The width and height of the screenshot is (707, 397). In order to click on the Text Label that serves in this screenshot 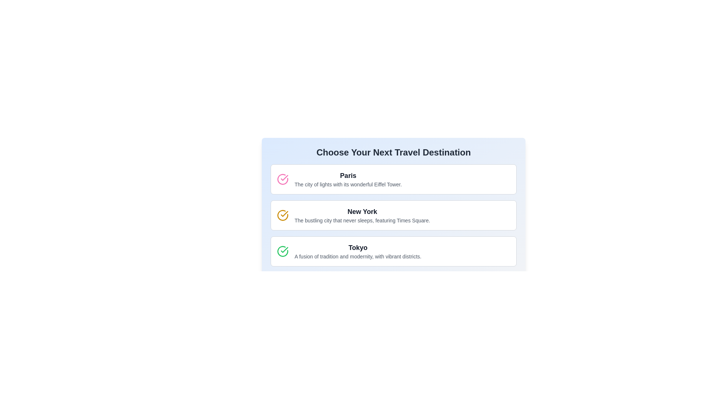, I will do `click(348, 176)`.